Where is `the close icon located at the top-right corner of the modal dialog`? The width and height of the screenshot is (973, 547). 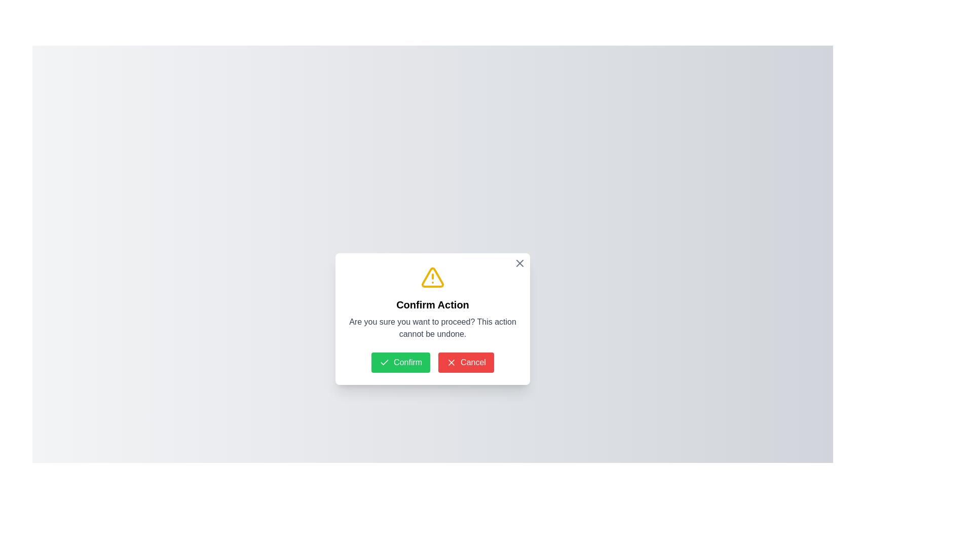
the close icon located at the top-right corner of the modal dialog is located at coordinates (520, 263).